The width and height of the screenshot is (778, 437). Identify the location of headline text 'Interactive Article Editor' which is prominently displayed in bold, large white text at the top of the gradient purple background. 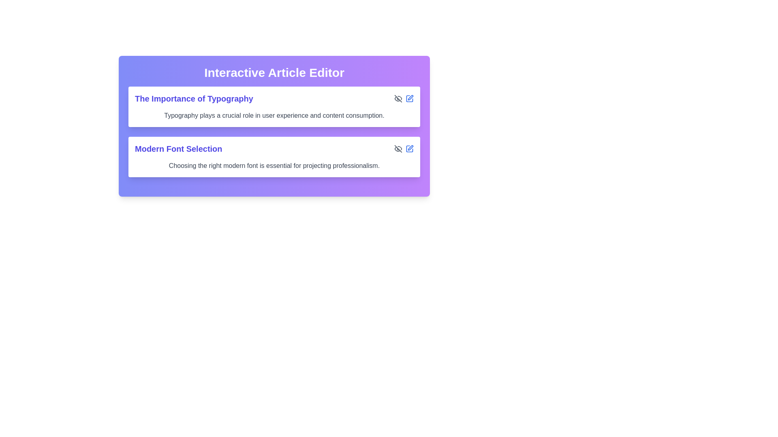
(274, 73).